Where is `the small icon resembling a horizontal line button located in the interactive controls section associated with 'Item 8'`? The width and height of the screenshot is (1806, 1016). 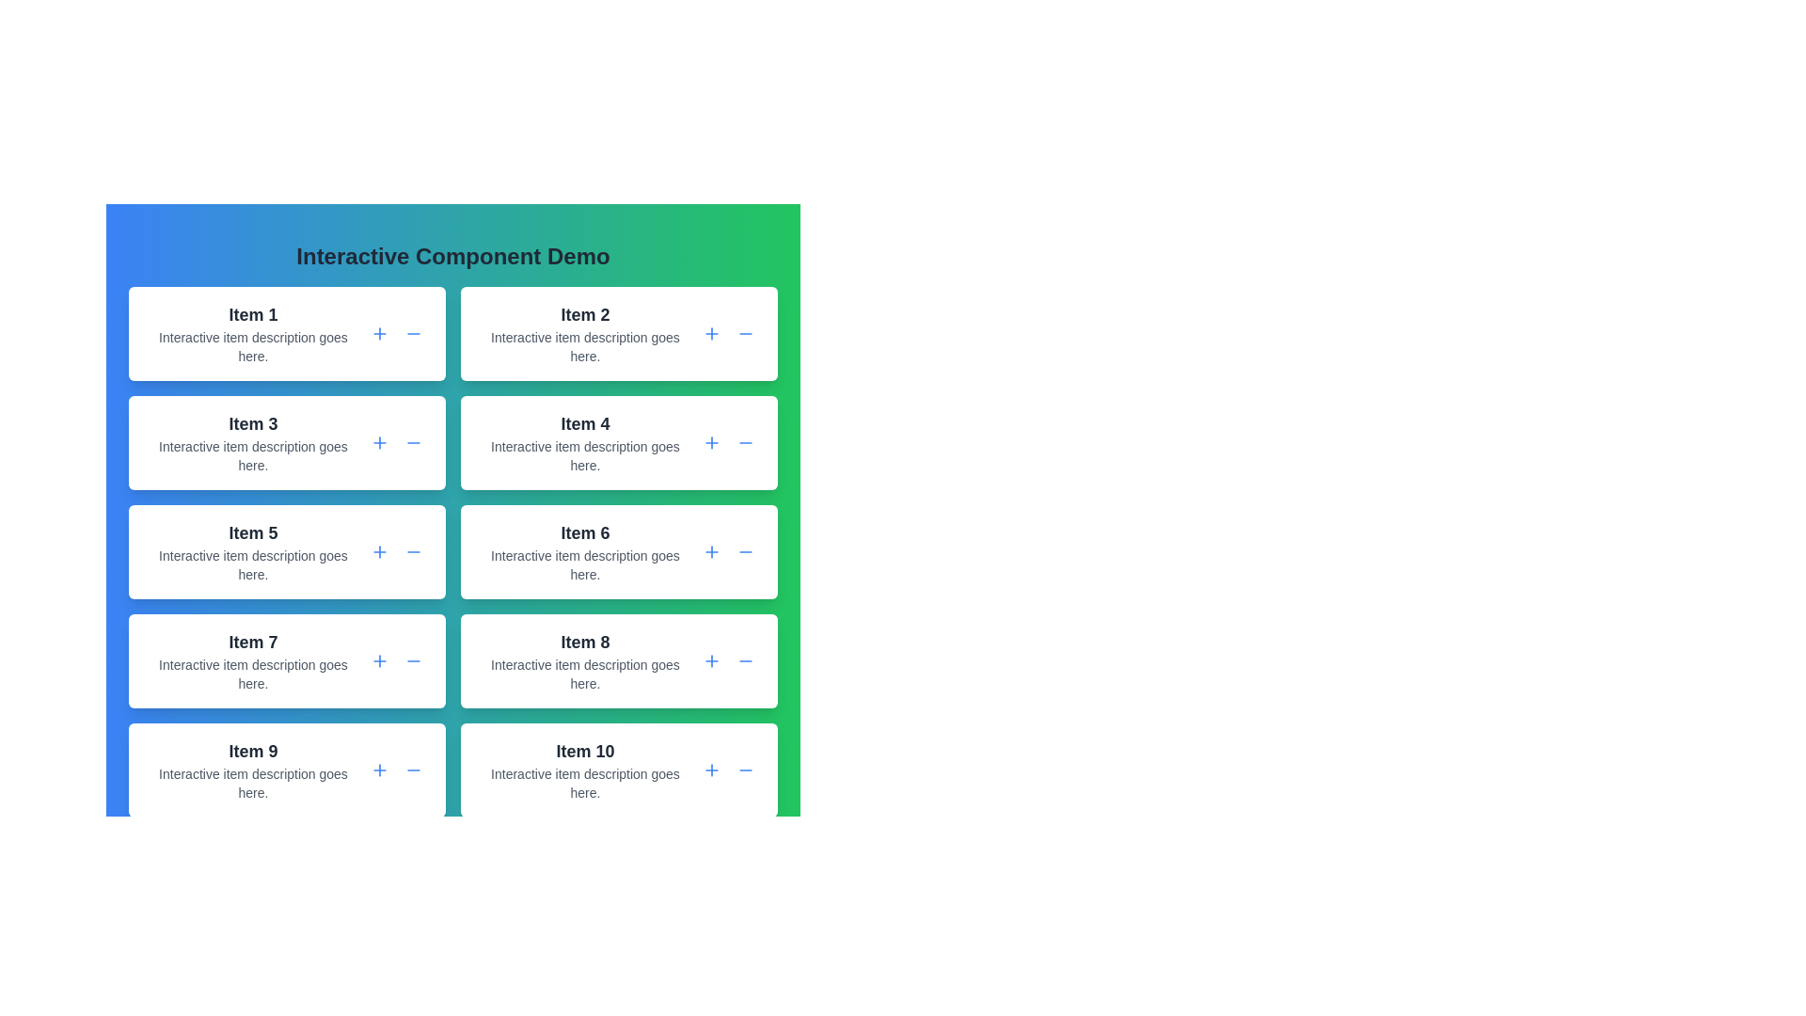 the small icon resembling a horizontal line button located in the interactive controls section associated with 'Item 8' is located at coordinates (744, 659).